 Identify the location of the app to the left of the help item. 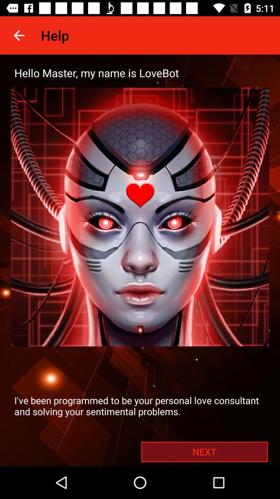
(19, 35).